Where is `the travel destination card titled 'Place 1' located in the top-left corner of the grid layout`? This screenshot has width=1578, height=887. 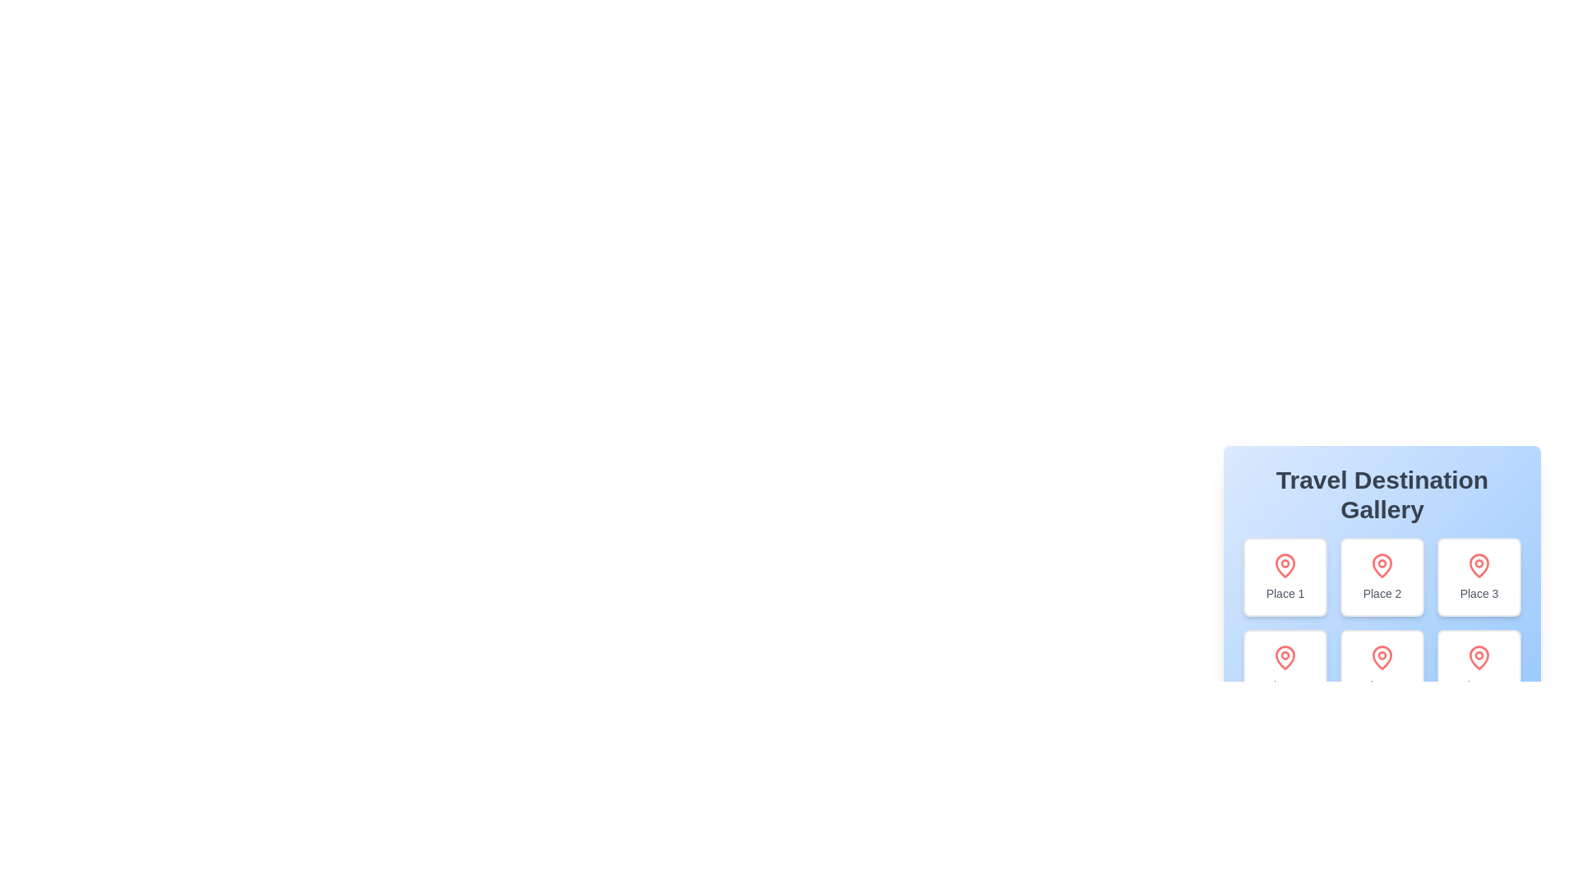
the travel destination card titled 'Place 1' located in the top-left corner of the grid layout is located at coordinates (1285, 576).